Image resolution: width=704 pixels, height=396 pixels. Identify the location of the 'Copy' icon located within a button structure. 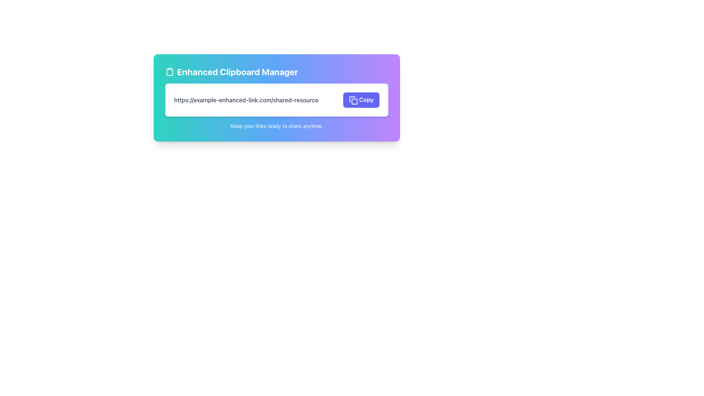
(354, 101).